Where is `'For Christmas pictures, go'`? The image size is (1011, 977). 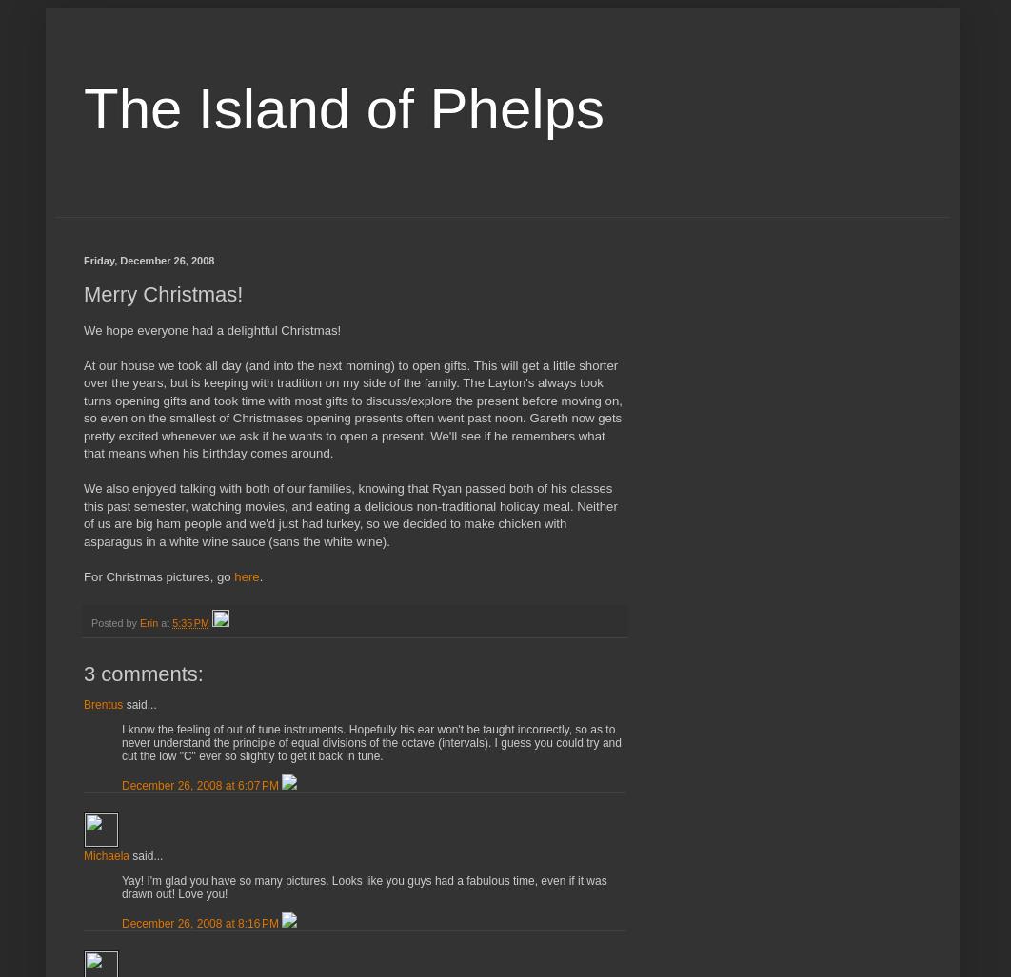 'For Christmas pictures, go' is located at coordinates (159, 576).